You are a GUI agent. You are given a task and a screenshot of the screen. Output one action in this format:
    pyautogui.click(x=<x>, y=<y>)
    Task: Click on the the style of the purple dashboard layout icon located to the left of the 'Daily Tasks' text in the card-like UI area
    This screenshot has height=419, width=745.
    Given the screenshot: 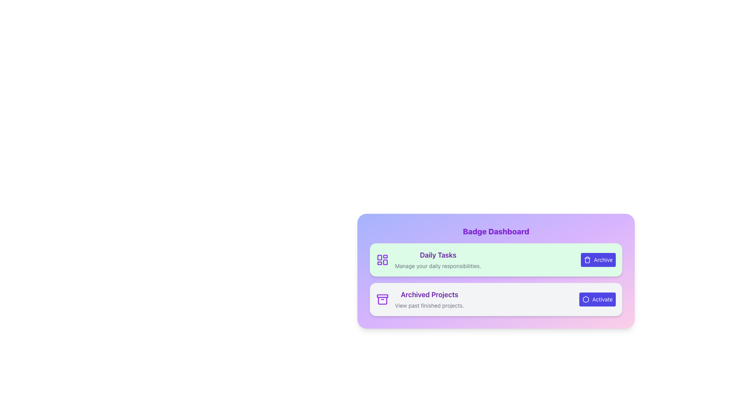 What is the action you would take?
    pyautogui.click(x=382, y=260)
    